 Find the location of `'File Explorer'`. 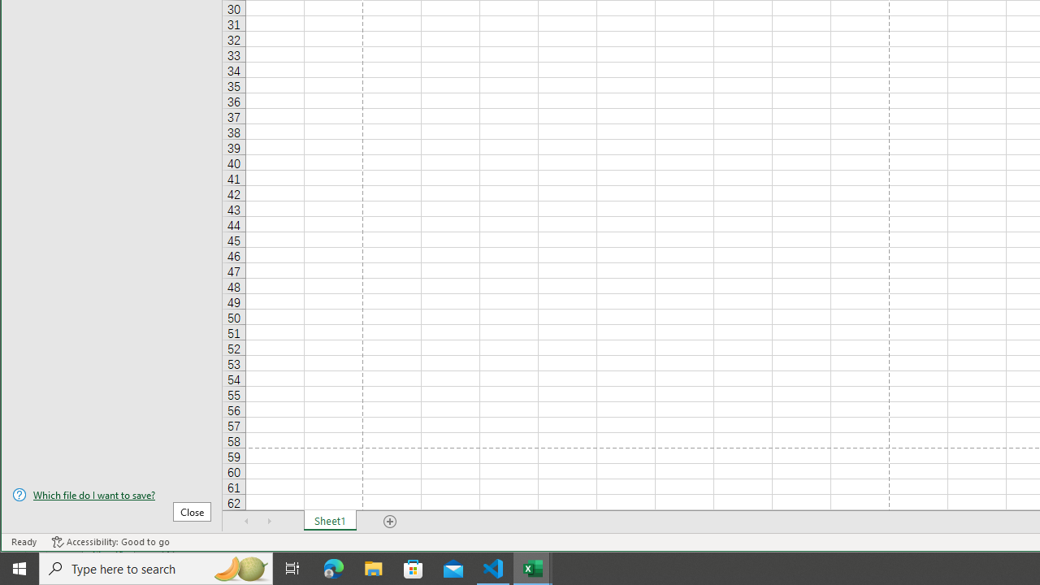

'File Explorer' is located at coordinates (373, 567).